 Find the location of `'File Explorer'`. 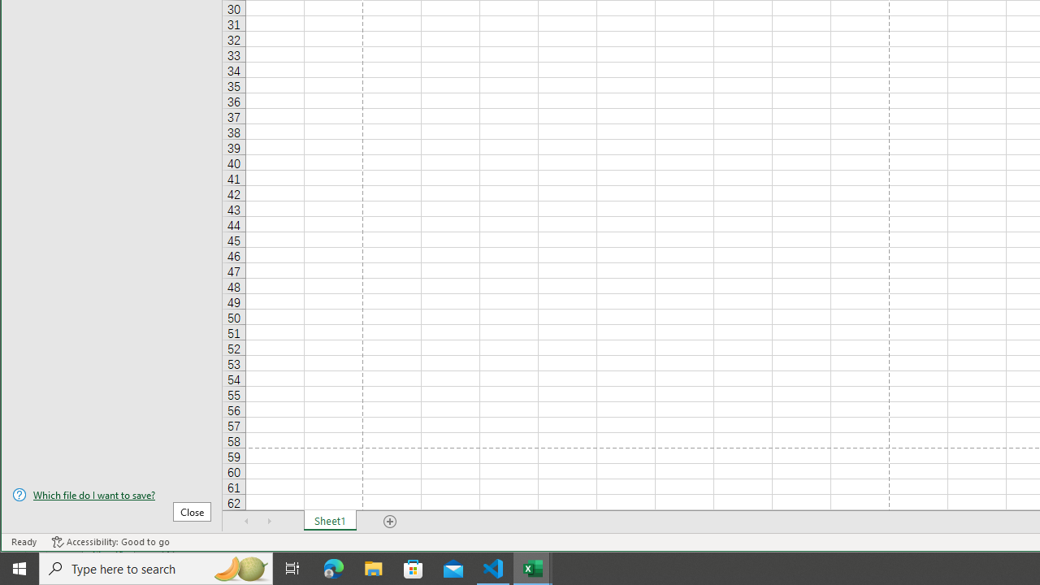

'File Explorer' is located at coordinates (373, 567).